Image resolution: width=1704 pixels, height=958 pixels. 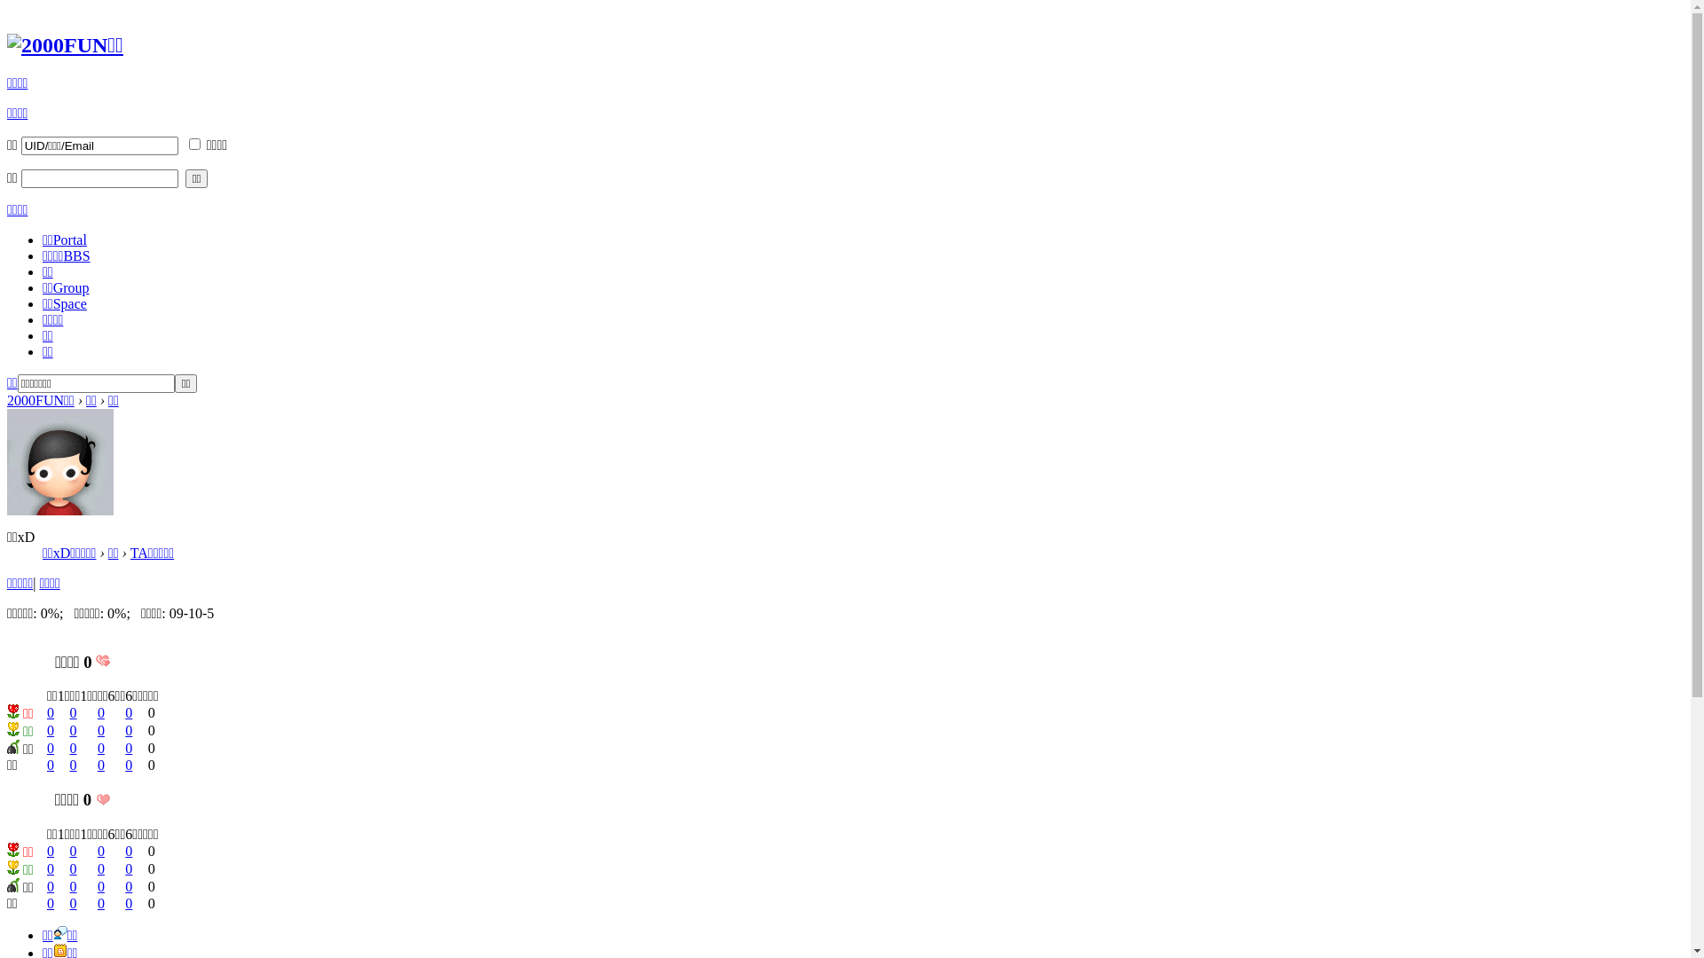 I want to click on '0', so click(x=46, y=764).